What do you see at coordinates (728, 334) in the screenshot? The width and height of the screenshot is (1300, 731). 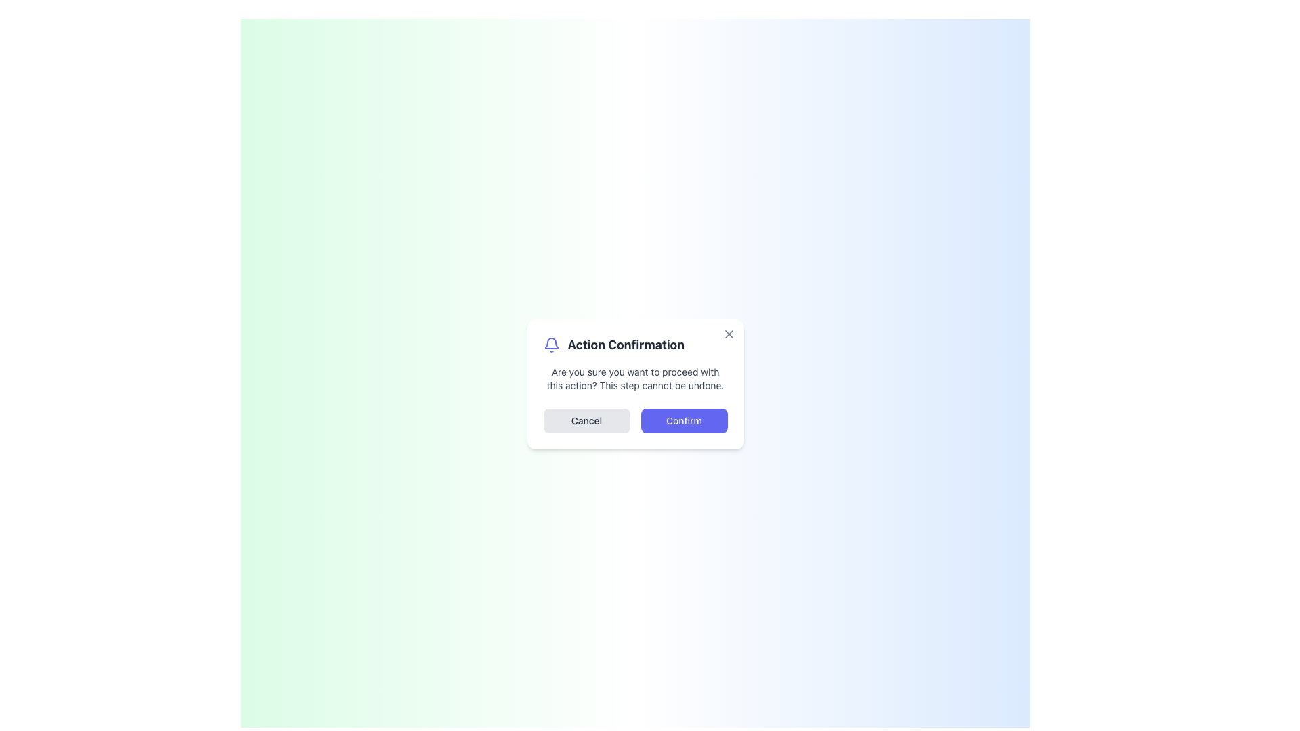 I see `the Close button located at the top-right corner of the modal dialog box adjacent to the title 'Action Confirmation'` at bounding box center [728, 334].